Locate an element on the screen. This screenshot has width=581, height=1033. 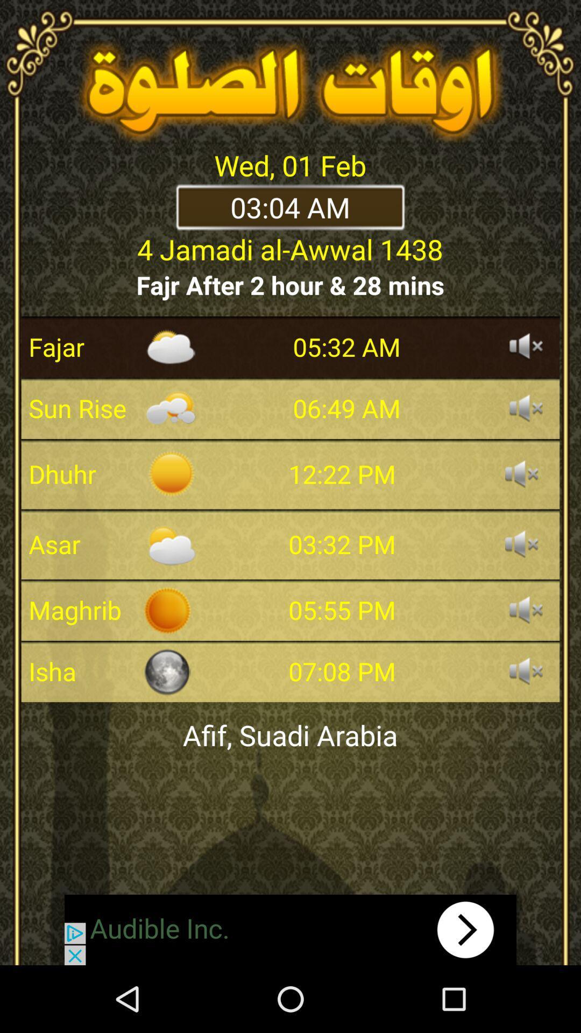
the volume icon is located at coordinates (526, 671).